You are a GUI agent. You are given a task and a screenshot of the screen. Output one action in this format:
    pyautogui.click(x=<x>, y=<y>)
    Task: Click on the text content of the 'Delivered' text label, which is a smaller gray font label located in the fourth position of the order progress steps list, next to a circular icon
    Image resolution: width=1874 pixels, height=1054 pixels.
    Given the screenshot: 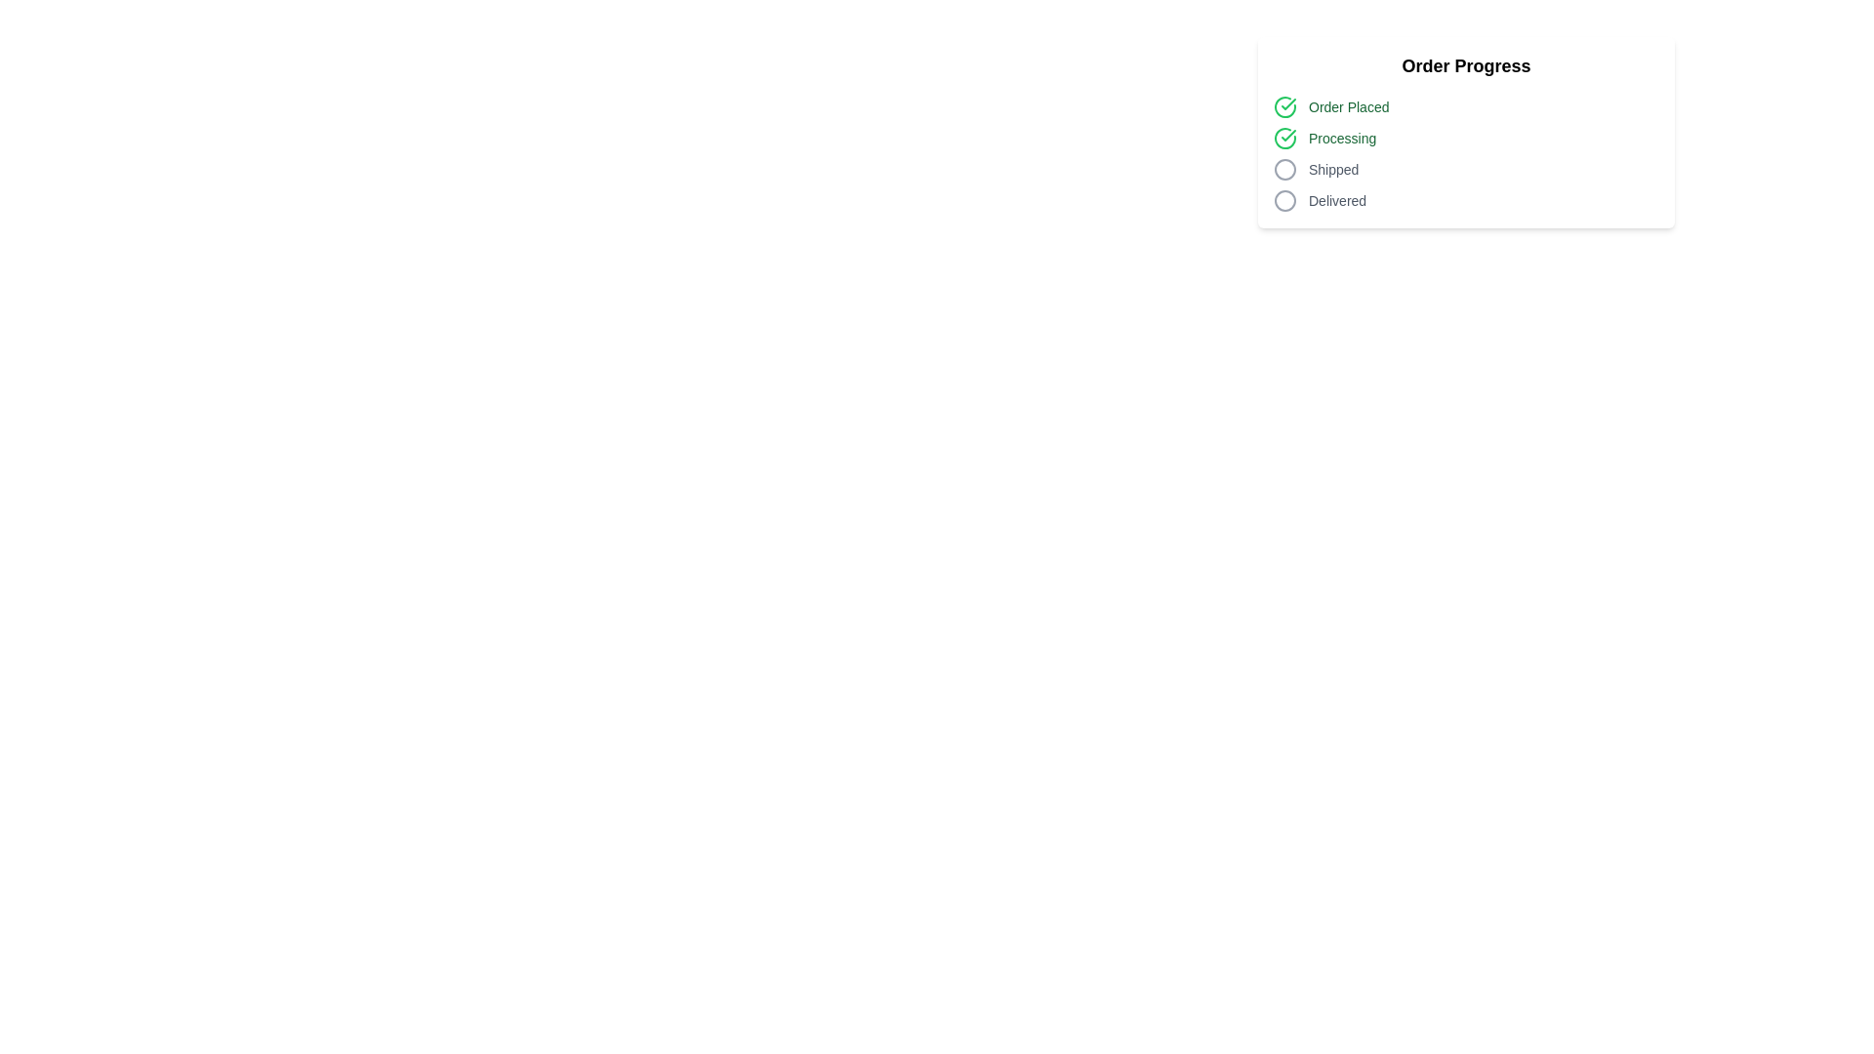 What is the action you would take?
    pyautogui.click(x=1336, y=200)
    